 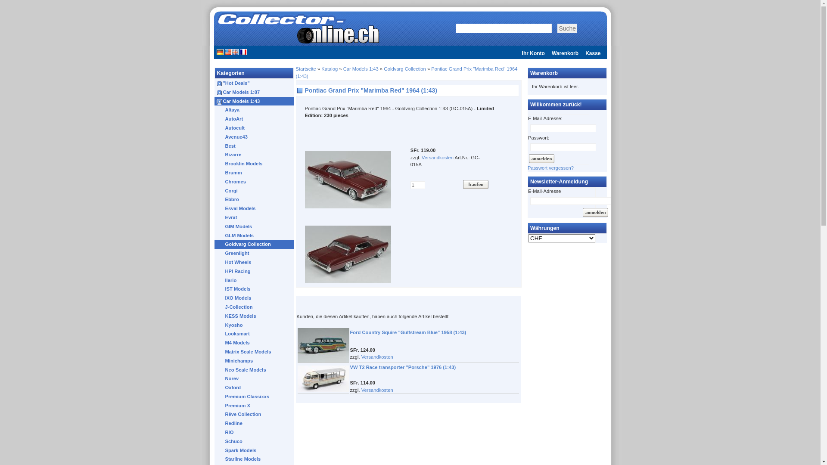 I want to click on 'Ilario', so click(x=255, y=280).